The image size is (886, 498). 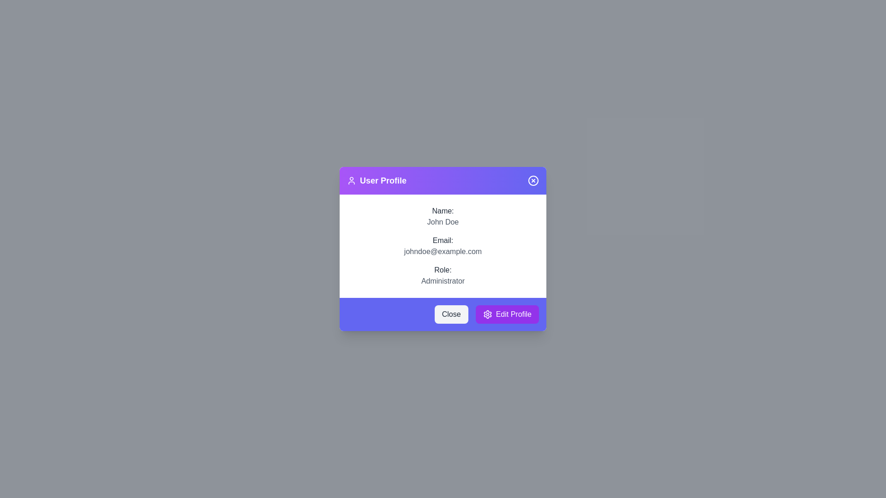 What do you see at coordinates (487, 314) in the screenshot?
I see `the cogwheel-shaped settings icon located in the upper-right corner of the user profile modal window, characterized by sharp edges and a purple theme` at bounding box center [487, 314].